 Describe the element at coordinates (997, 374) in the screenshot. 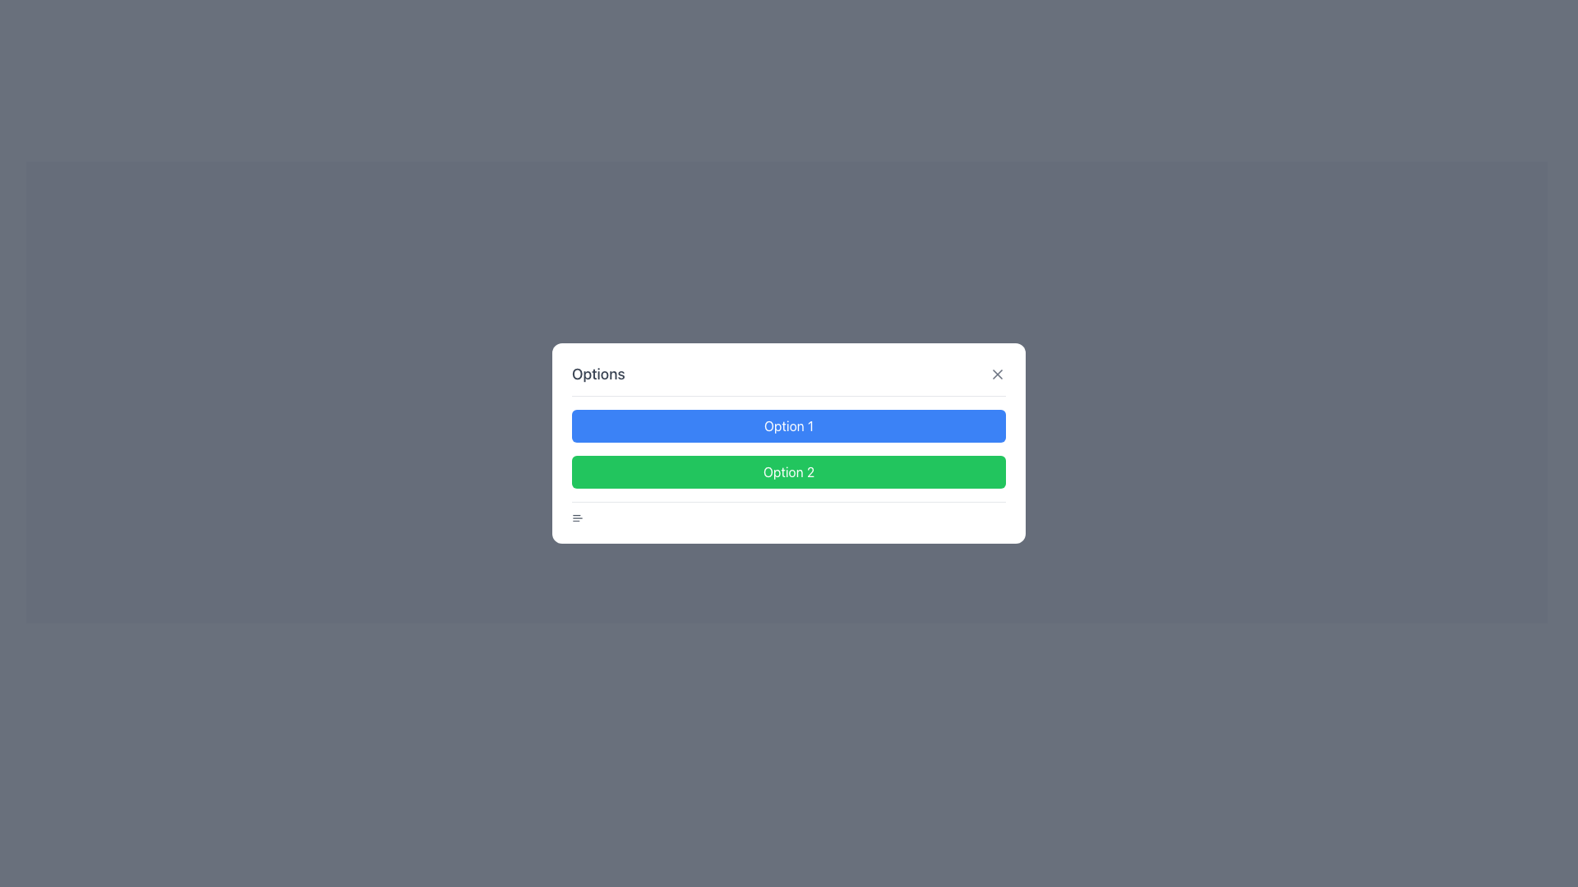

I see `the close button icon located in the top-right corner of the 'Options' modal header` at that location.